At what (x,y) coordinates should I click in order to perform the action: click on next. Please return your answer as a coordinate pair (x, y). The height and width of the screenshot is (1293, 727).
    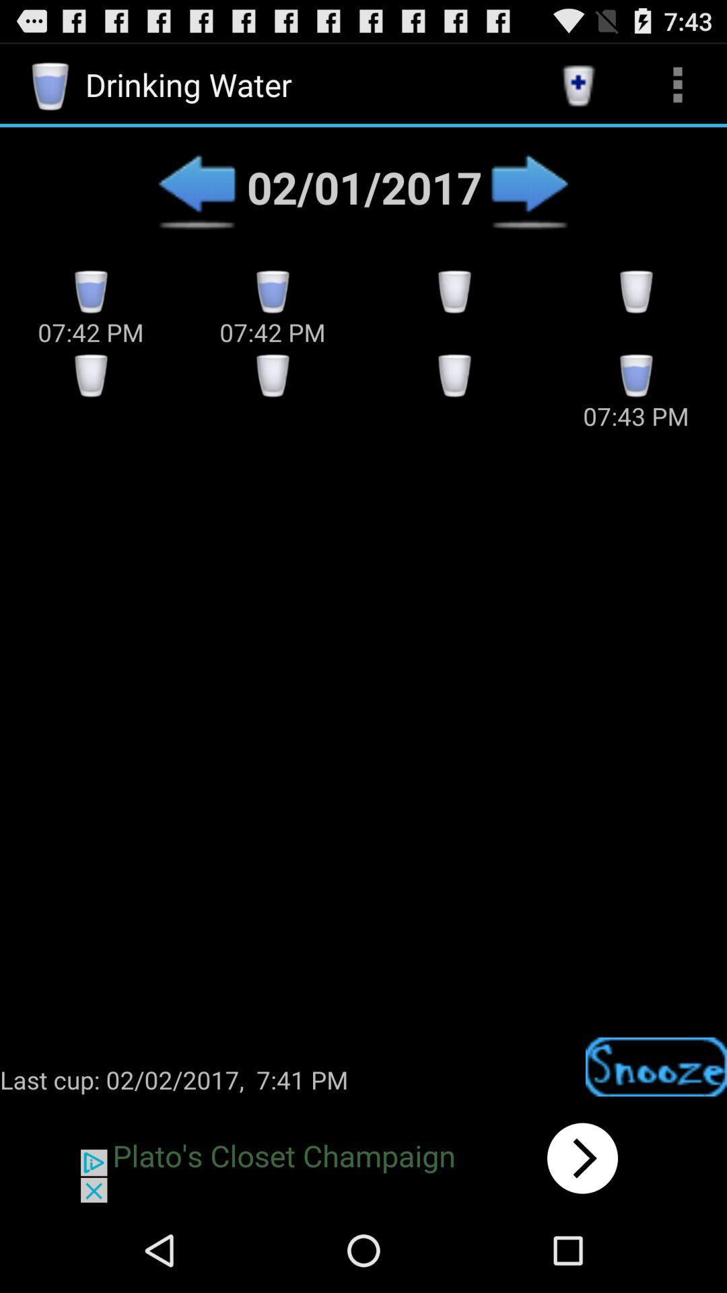
    Looking at the image, I should click on (528, 187).